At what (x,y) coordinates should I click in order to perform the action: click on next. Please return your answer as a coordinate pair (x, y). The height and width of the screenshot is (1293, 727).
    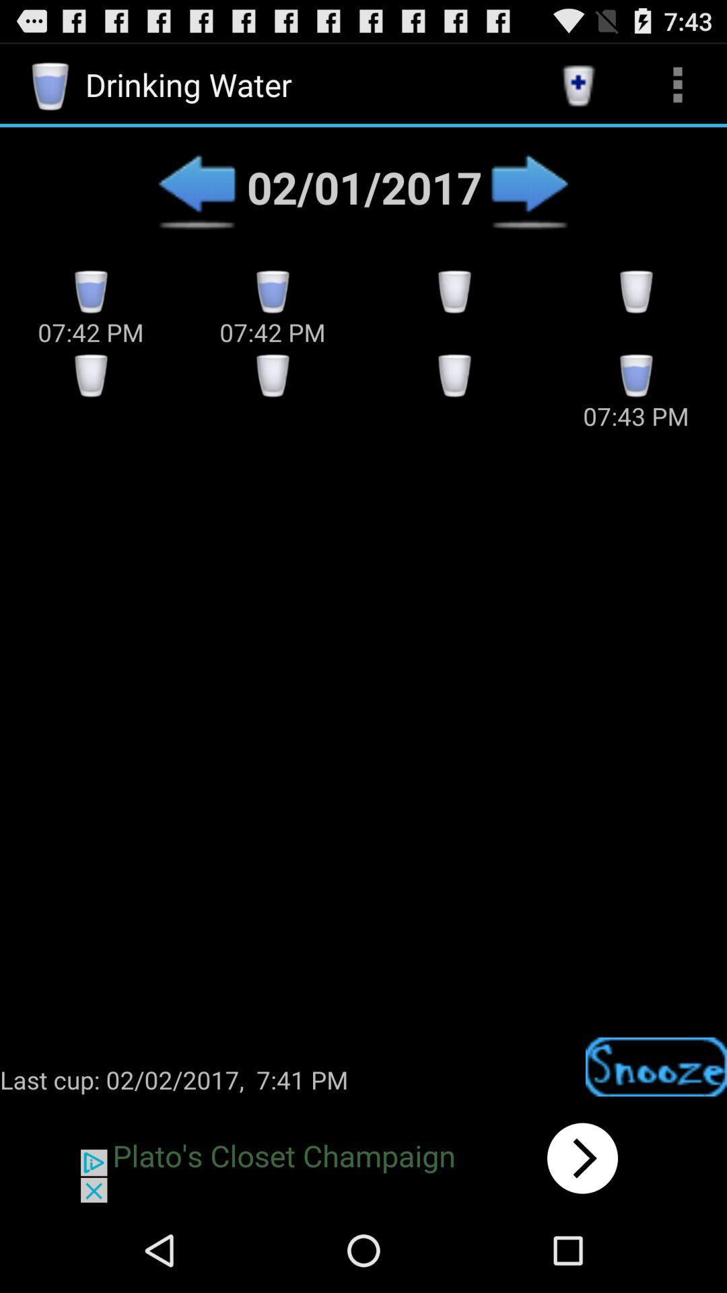
    Looking at the image, I should click on (528, 187).